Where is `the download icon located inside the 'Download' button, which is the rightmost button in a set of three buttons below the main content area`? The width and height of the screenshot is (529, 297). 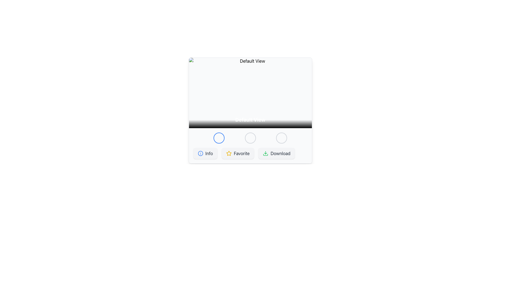
the download icon located inside the 'Download' button, which is the rightmost button in a set of three buttons below the main content area is located at coordinates (266, 153).